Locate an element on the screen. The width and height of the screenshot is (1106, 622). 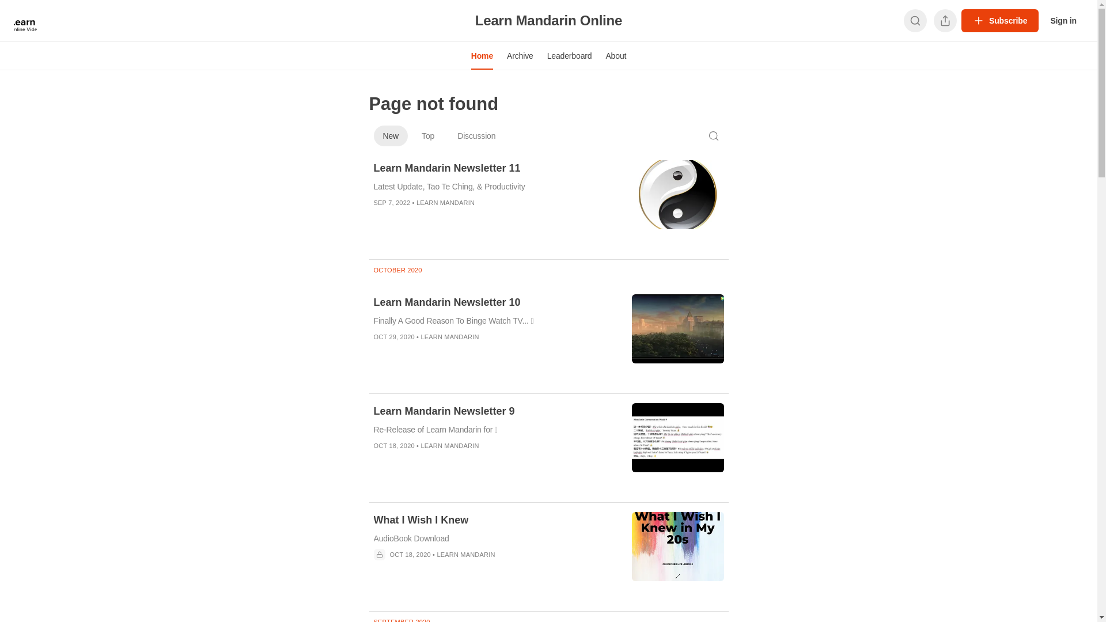
'Learn Mandarin Newsletter 11' is located at coordinates (495, 168).